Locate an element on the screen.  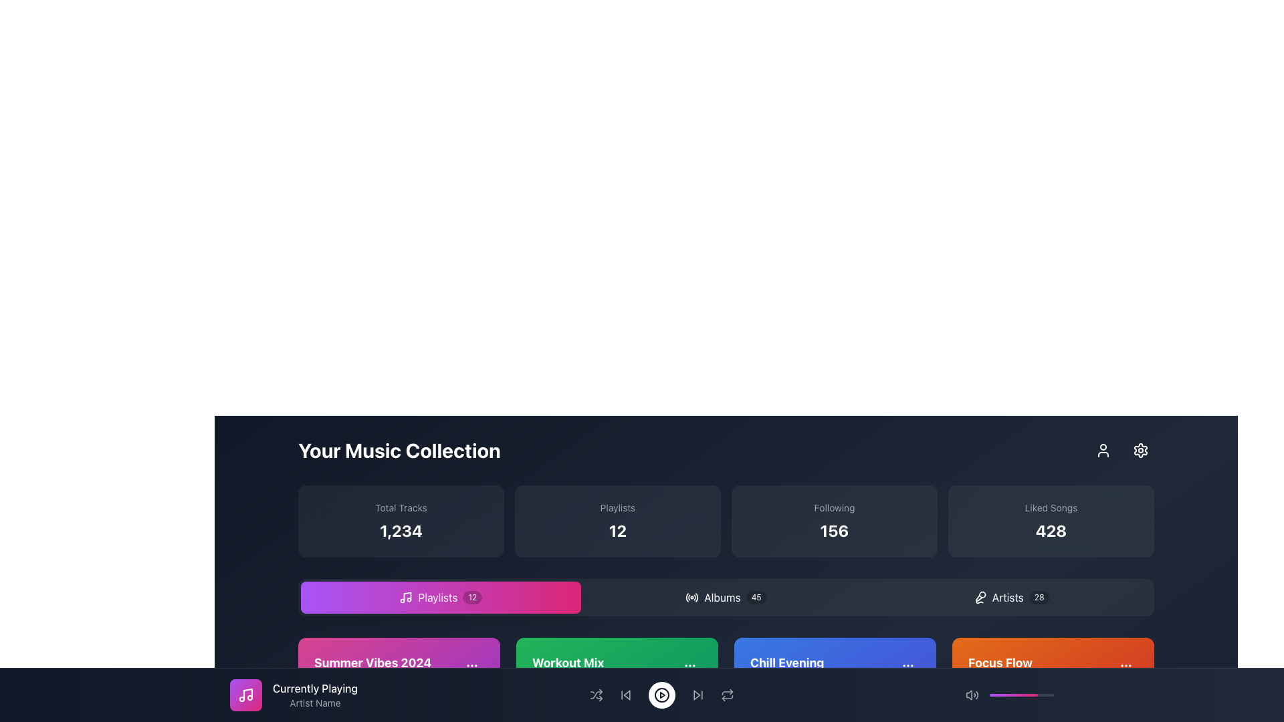
the Information Display element that shows 'Workout Mix' in bold and '18 tracks' beneath it, centrally aligned within the green rectangular card in the second row of playlist cards is located at coordinates (616, 671).